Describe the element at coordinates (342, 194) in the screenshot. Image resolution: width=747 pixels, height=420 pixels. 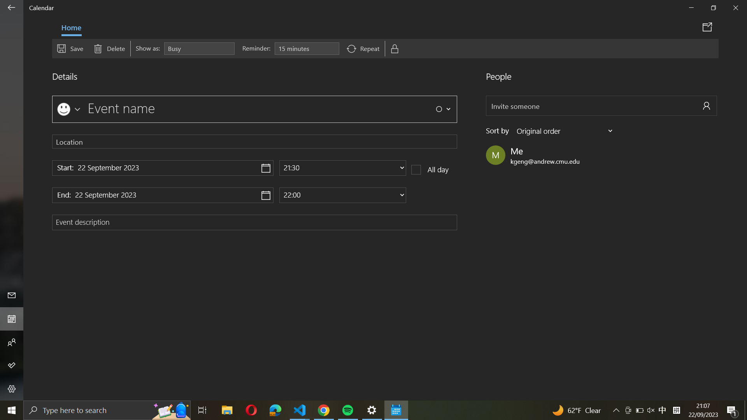
I see `Schedule the end time of the event for 10:00 PM` at that location.